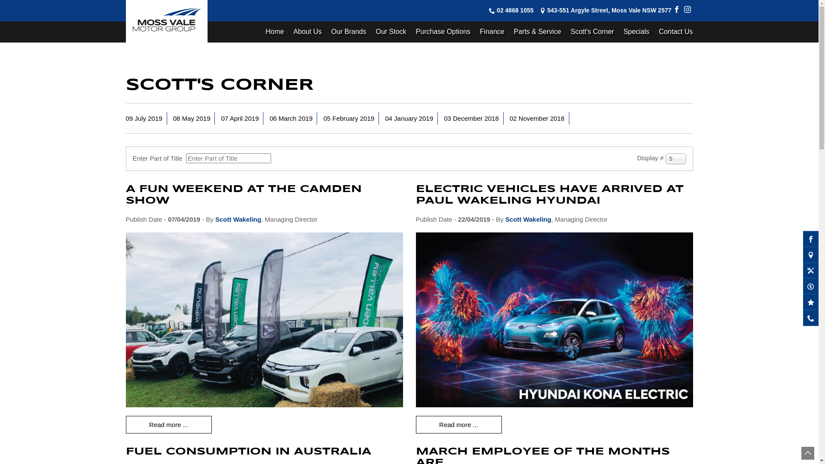  I want to click on '06 March 2019', so click(290, 118).